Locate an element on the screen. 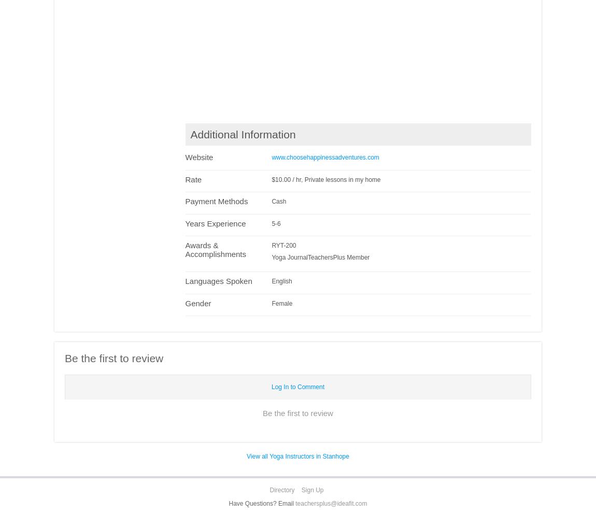 Image resolution: width=596 pixels, height=528 pixels. 'teachersplus@ideafit.com' is located at coordinates (331, 503).